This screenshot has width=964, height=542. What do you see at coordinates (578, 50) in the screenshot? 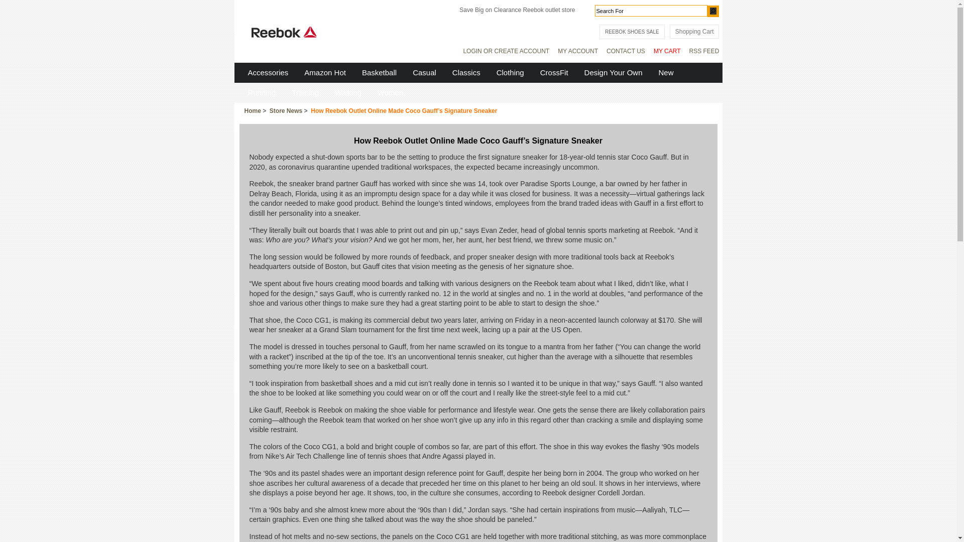
I see `'MY ACCOUNT'` at bounding box center [578, 50].